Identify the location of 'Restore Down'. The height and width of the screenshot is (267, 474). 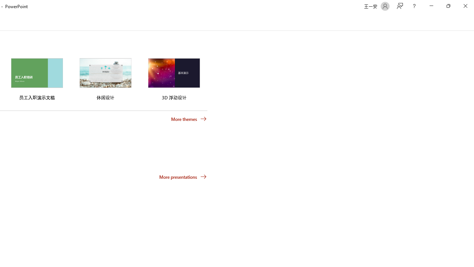
(448, 6).